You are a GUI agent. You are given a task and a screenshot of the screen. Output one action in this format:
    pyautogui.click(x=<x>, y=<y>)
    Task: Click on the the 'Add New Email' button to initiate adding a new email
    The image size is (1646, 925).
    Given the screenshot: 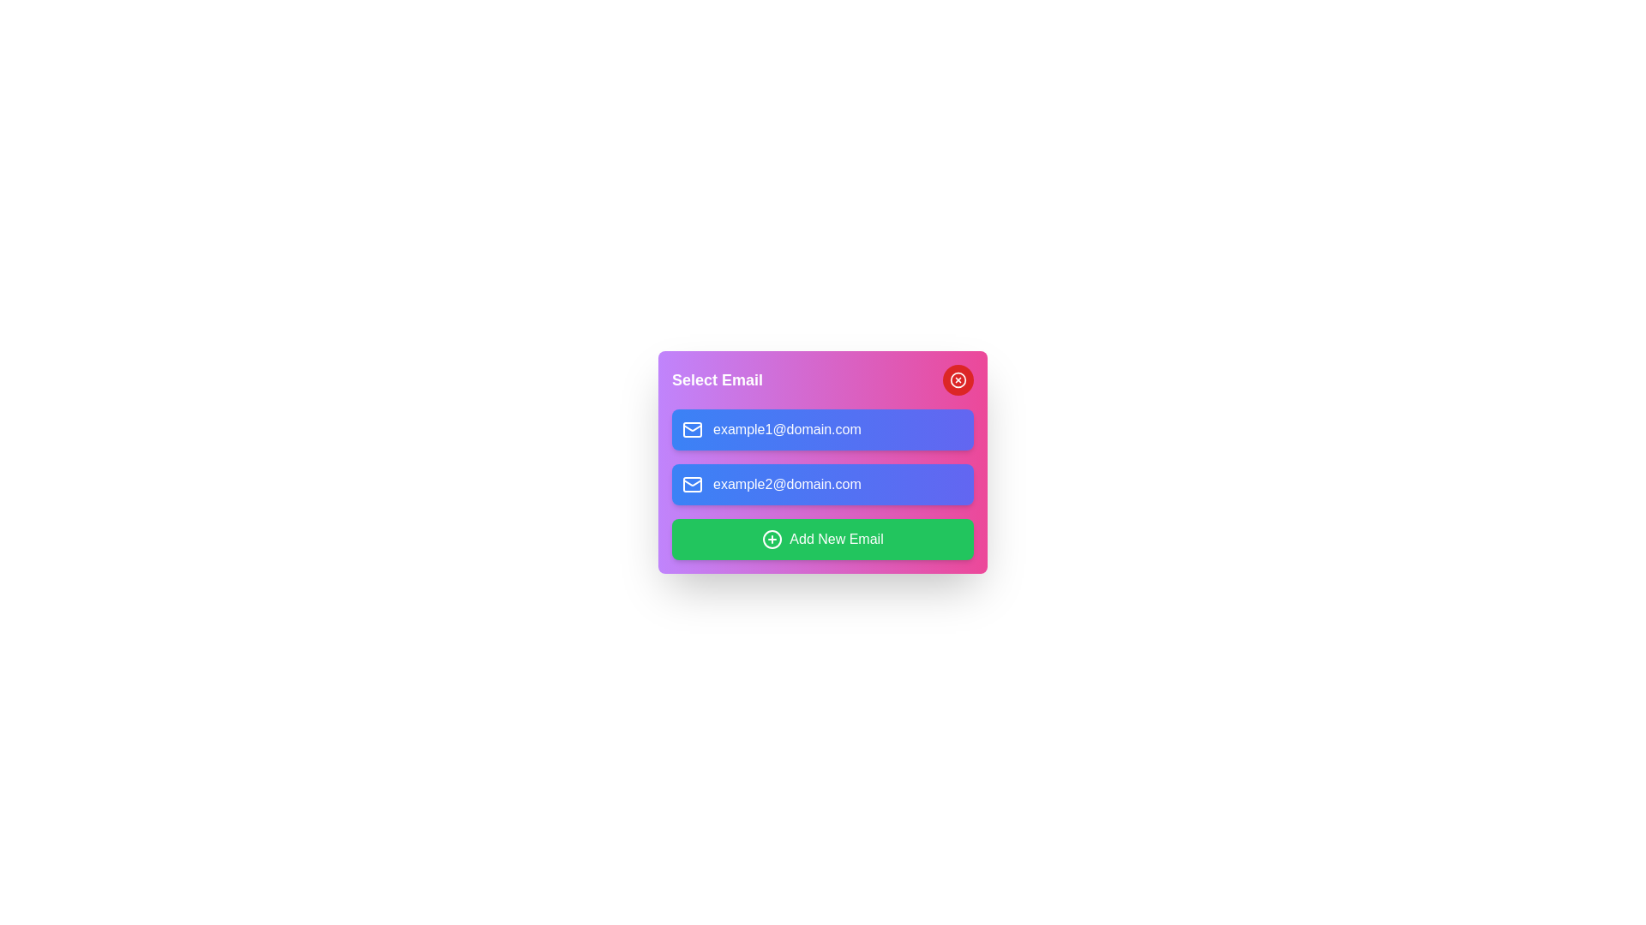 What is the action you would take?
    pyautogui.click(x=823, y=538)
    